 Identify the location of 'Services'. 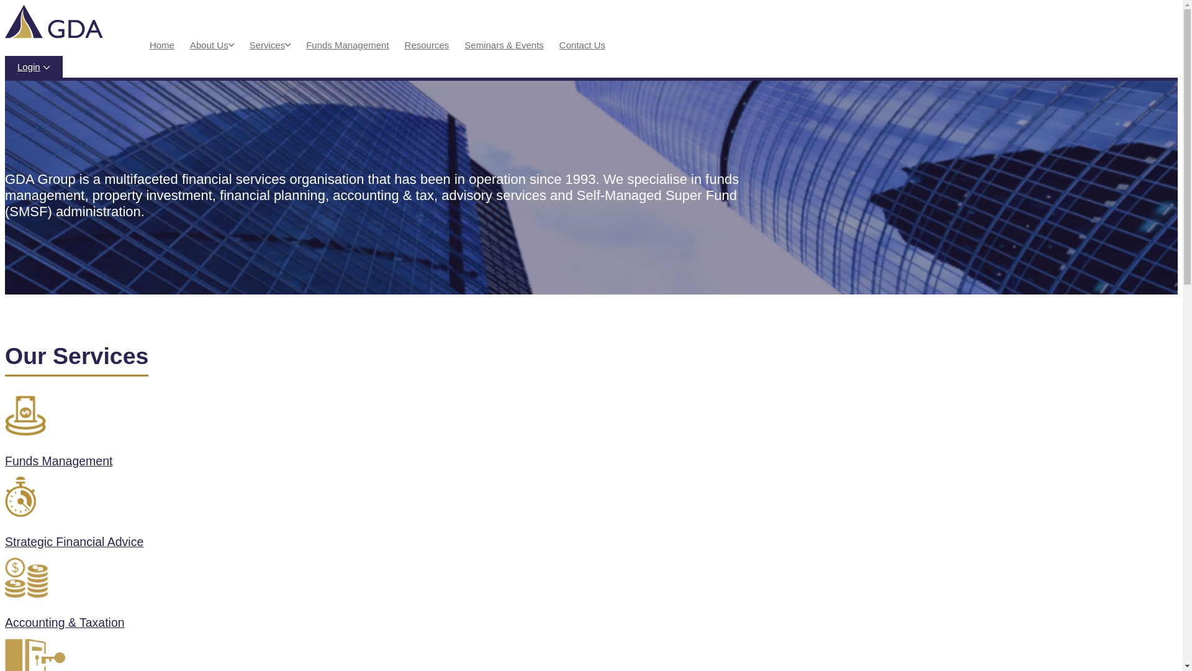
(249, 44).